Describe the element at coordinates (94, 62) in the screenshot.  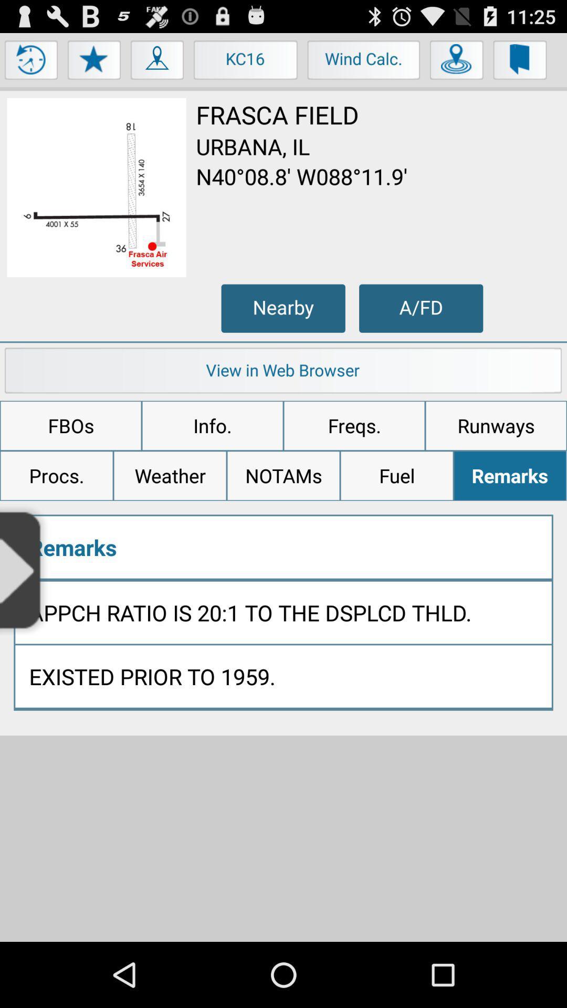
I see `click star icon` at that location.